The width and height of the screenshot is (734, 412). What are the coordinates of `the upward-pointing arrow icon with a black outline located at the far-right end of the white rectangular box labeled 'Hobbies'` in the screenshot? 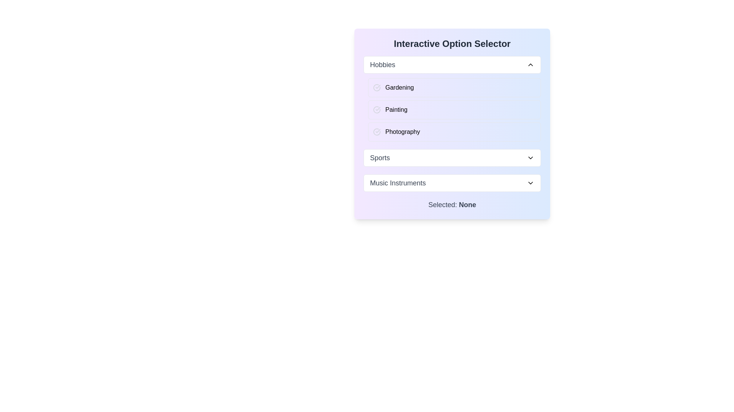 It's located at (530, 64).